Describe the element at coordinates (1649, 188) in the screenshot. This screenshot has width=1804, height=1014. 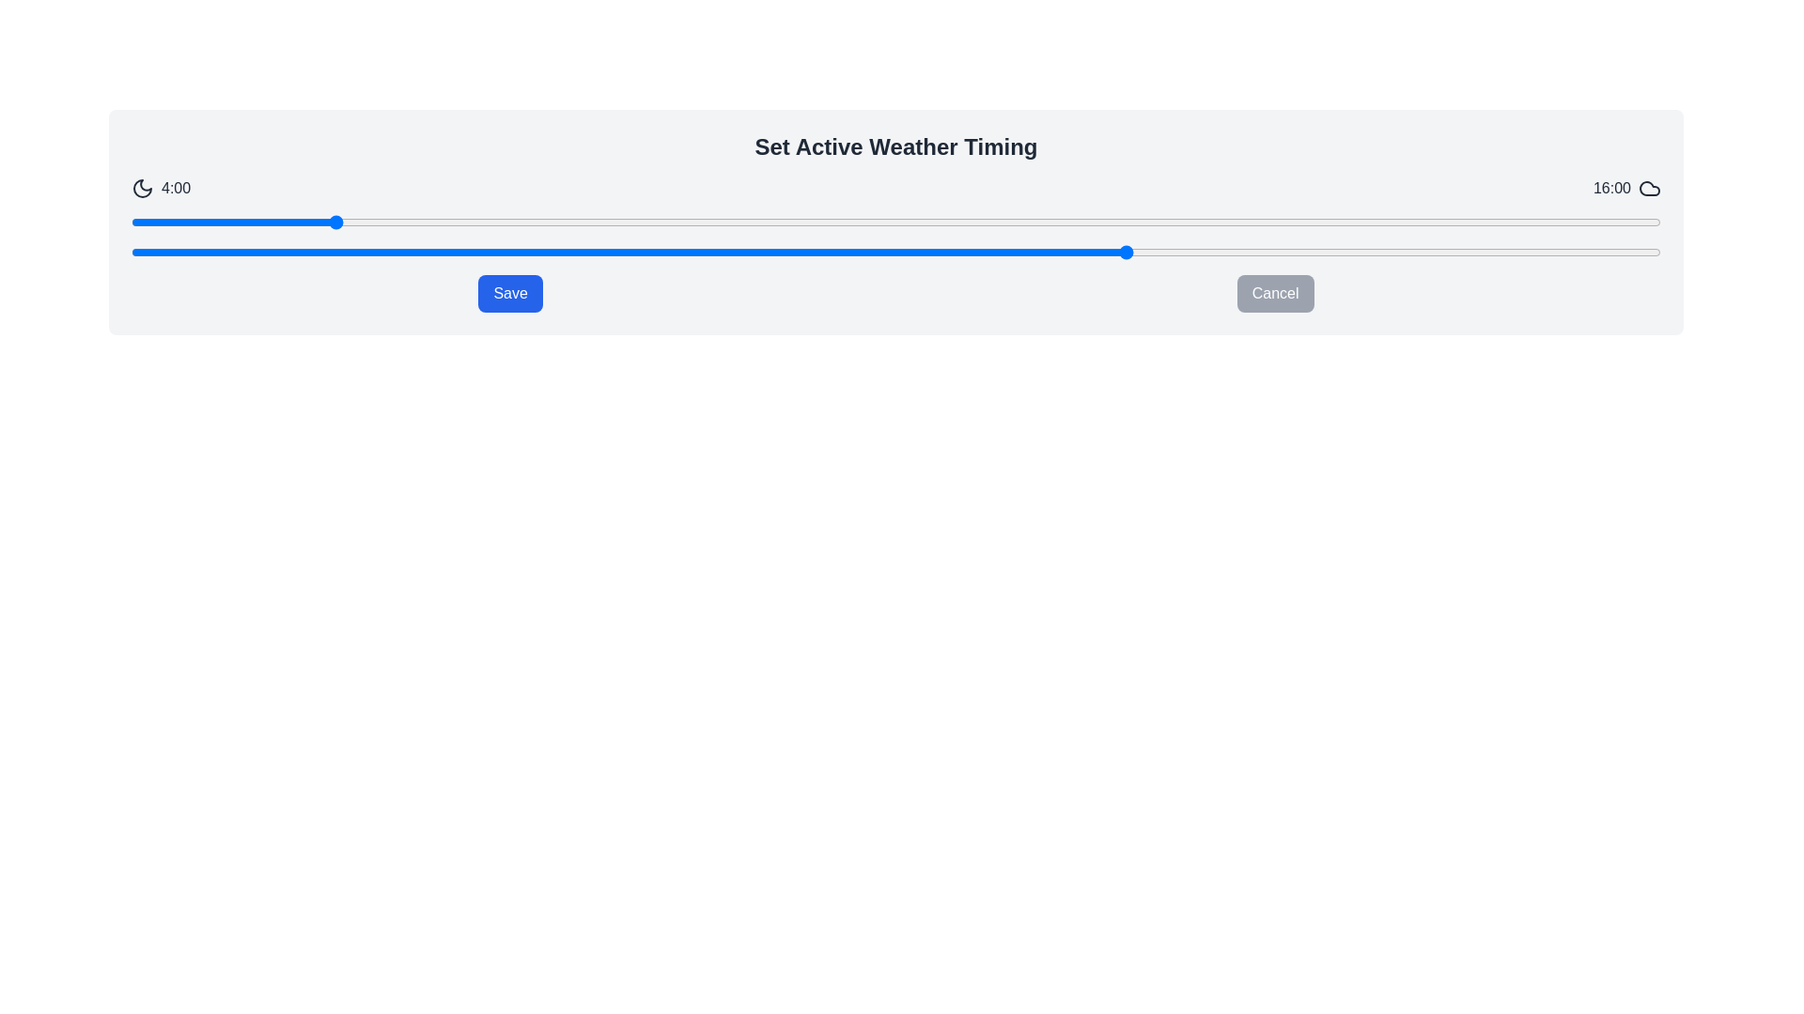
I see `the cloud-shaped icon located near the time display '16:00' in the top-right corner of the main interface area` at that location.